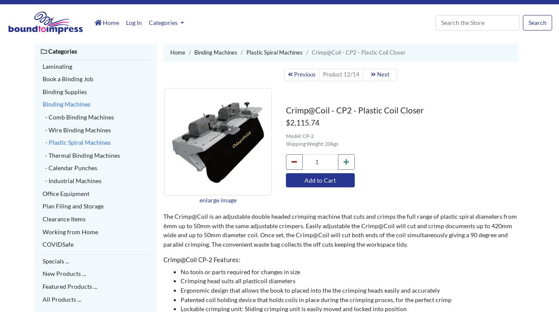  I want to click on 'Plastic Spiral Machines', so click(274, 52).